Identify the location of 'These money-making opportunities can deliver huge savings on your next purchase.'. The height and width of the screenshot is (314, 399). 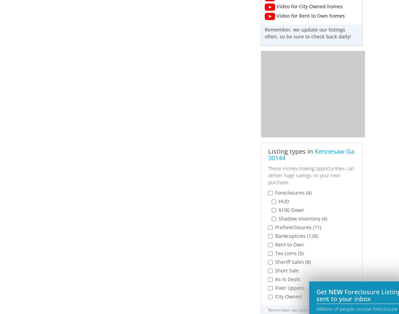
(311, 175).